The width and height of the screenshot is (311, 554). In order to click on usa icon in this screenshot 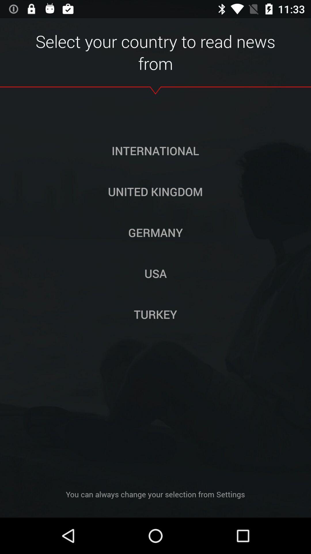, I will do `click(155, 273)`.